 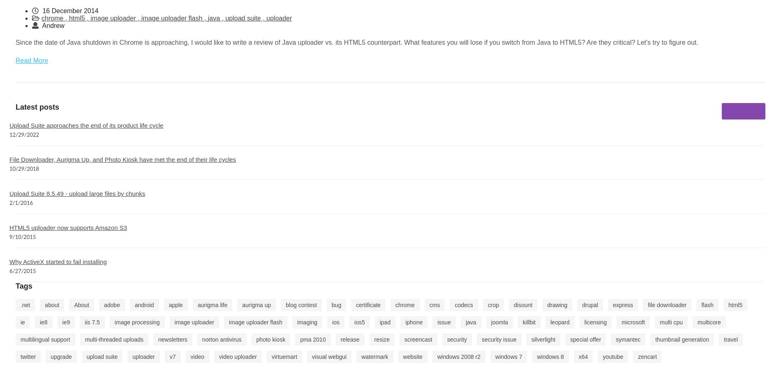 I want to click on 'File Downloader, Aurigma Up, and Photo Kiosk have met the end of their life cycles', so click(x=9, y=159).